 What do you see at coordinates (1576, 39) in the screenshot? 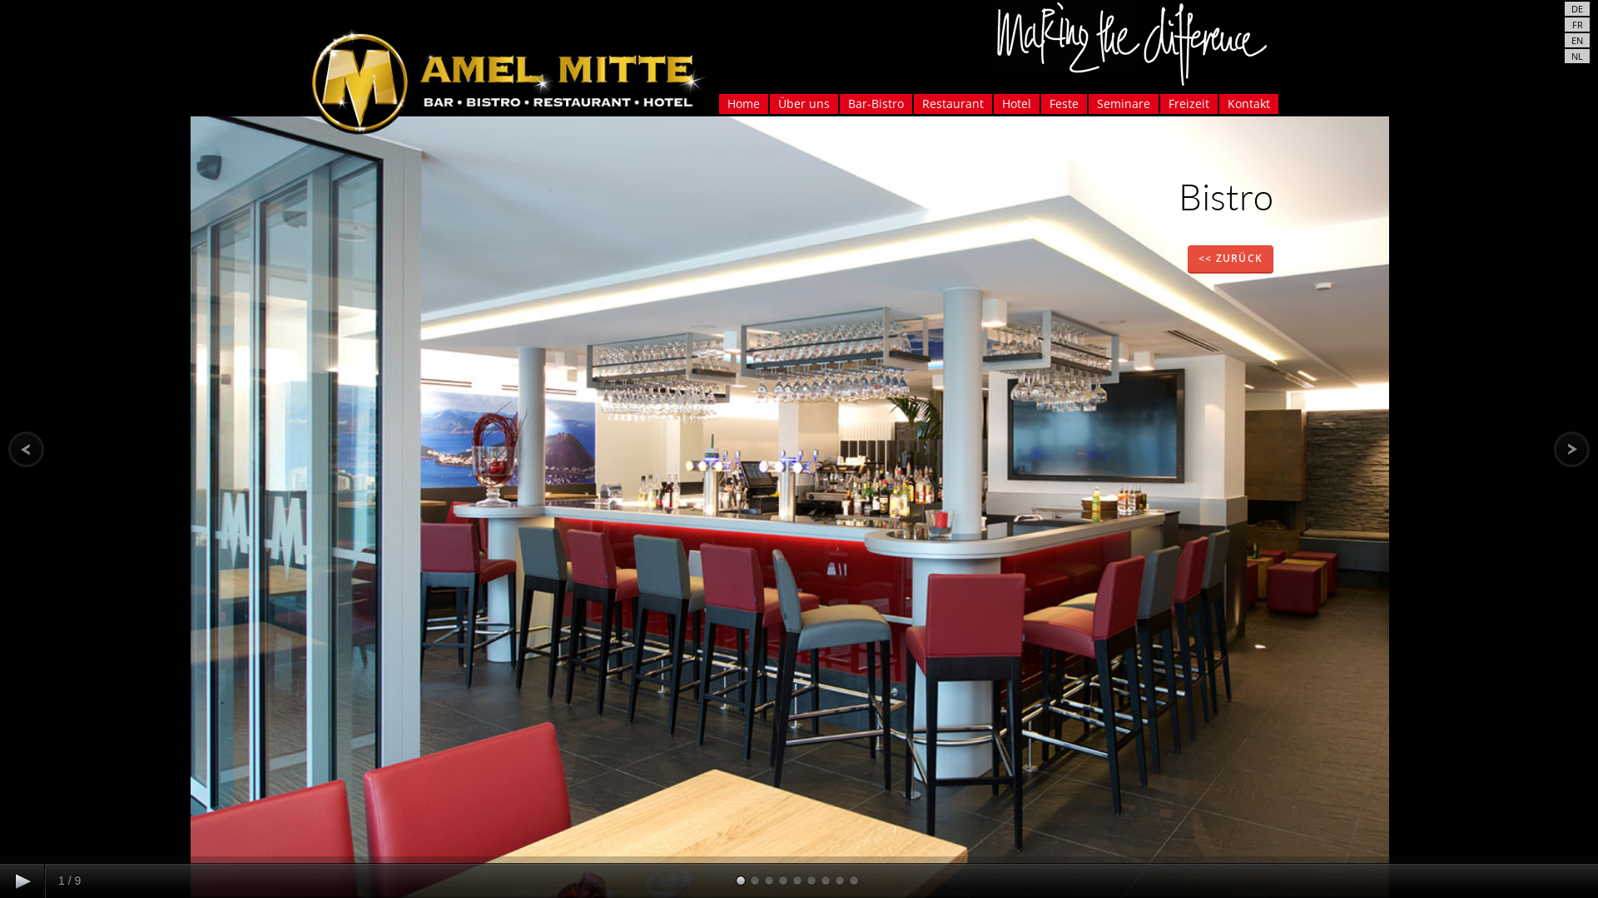
I see `'EN'` at bounding box center [1576, 39].